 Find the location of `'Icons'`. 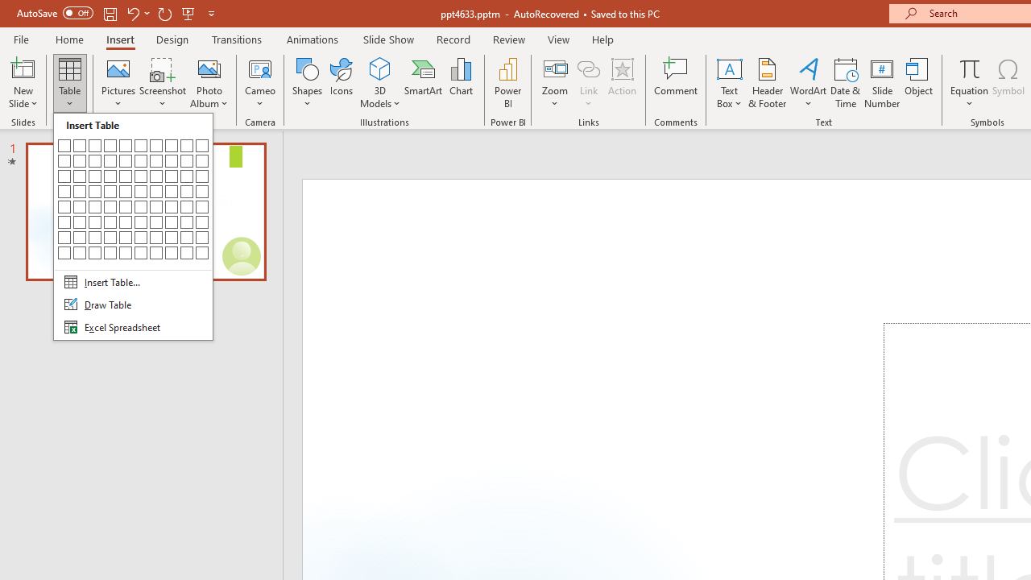

'Icons' is located at coordinates (341, 83).